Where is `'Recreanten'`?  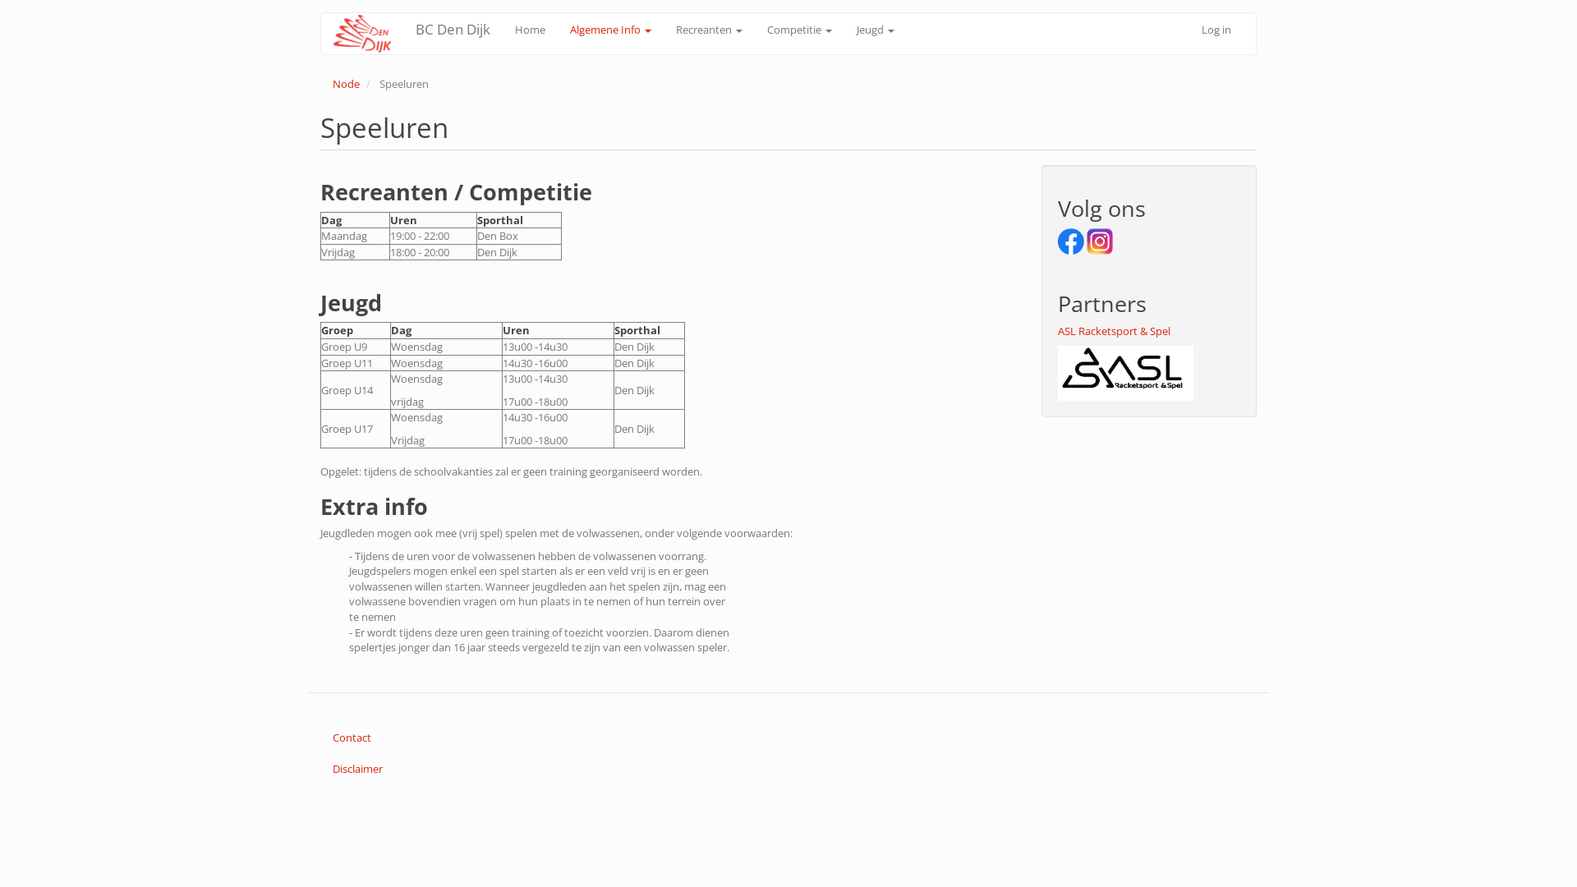
'Recreanten' is located at coordinates (709, 29).